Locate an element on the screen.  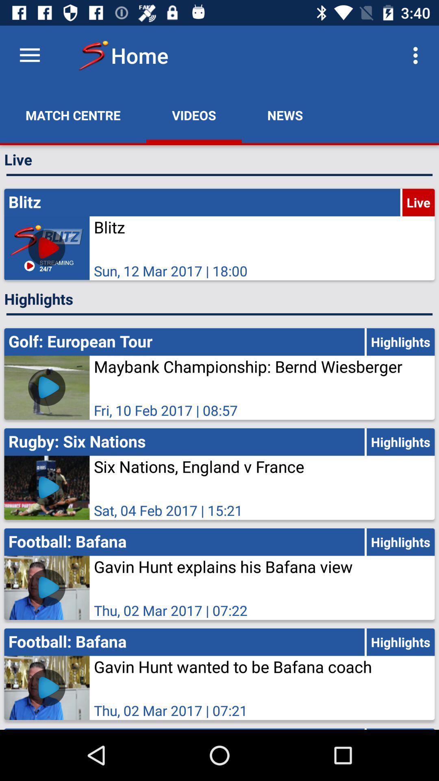
the third feed is located at coordinates (219, 474).